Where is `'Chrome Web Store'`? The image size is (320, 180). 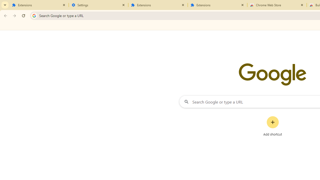 'Chrome Web Store' is located at coordinates (277, 5).